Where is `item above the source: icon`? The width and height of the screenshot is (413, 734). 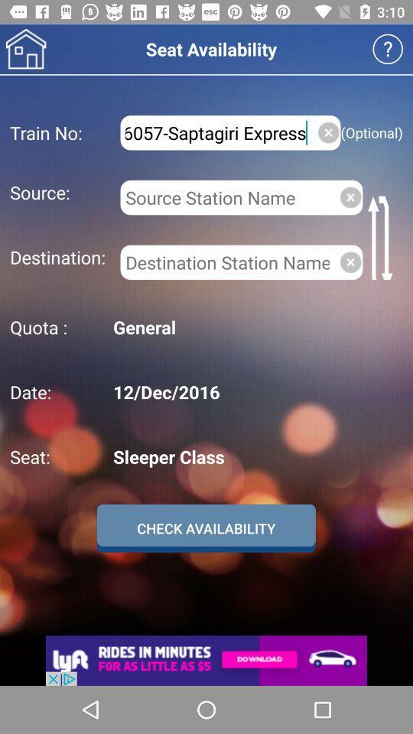
item above the source: icon is located at coordinates (215, 132).